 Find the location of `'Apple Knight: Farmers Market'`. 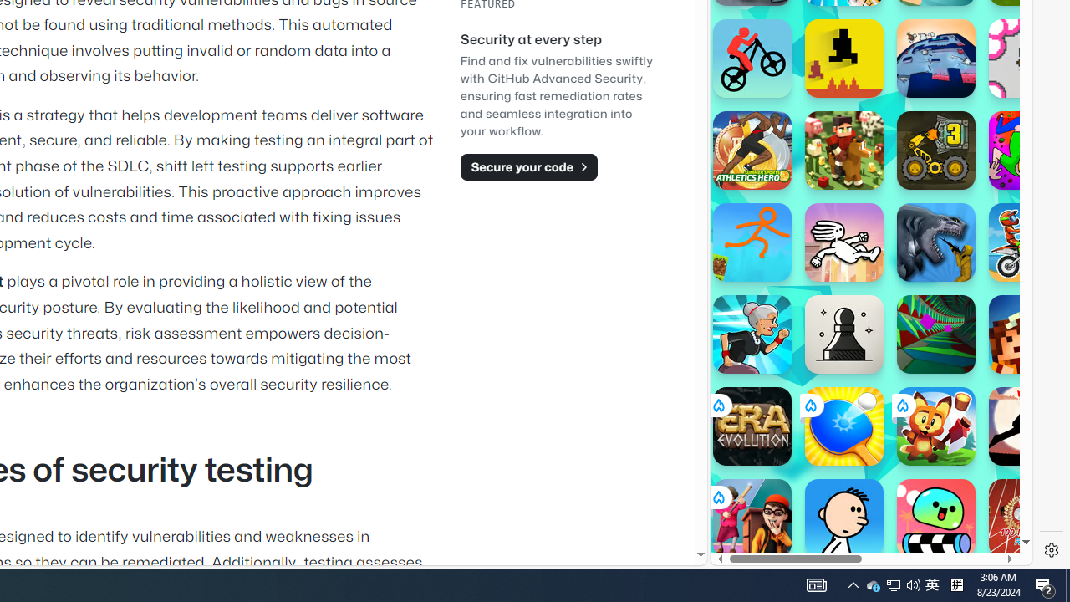

'Apple Knight: Farmers Market' is located at coordinates (843, 150).